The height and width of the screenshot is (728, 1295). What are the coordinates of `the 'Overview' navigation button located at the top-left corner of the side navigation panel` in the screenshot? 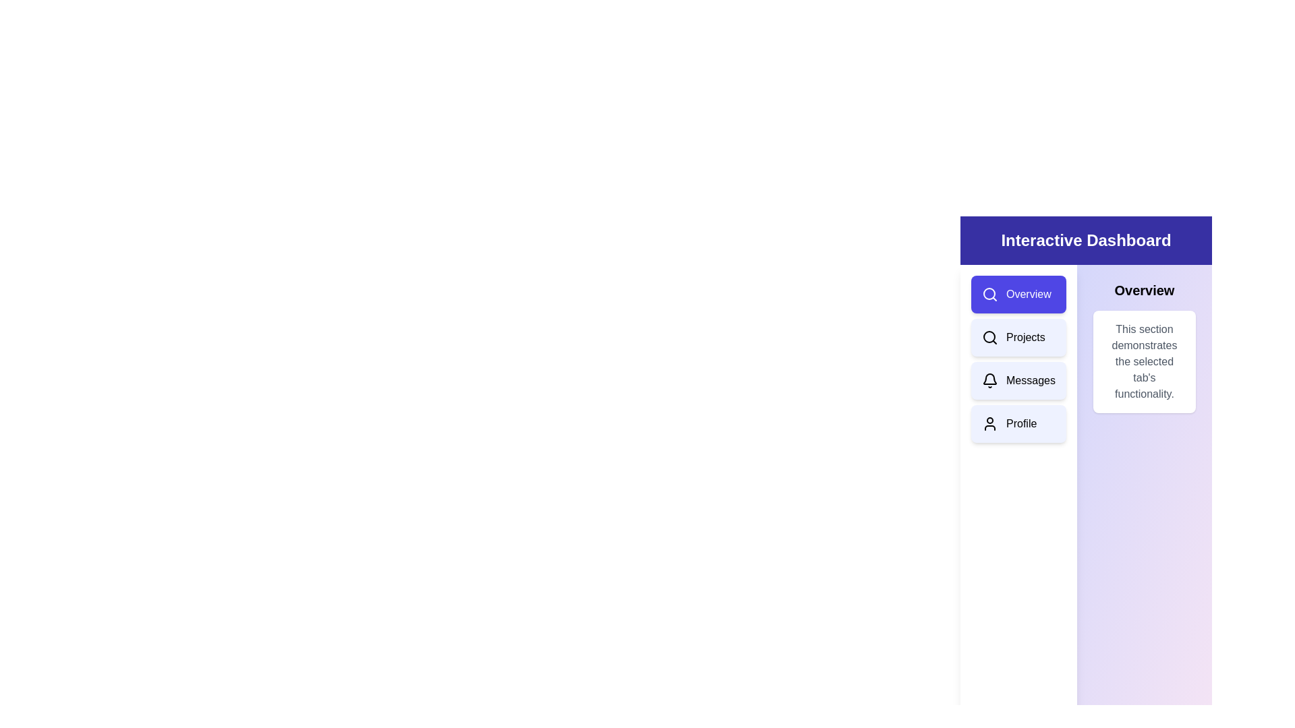 It's located at (1018, 293).